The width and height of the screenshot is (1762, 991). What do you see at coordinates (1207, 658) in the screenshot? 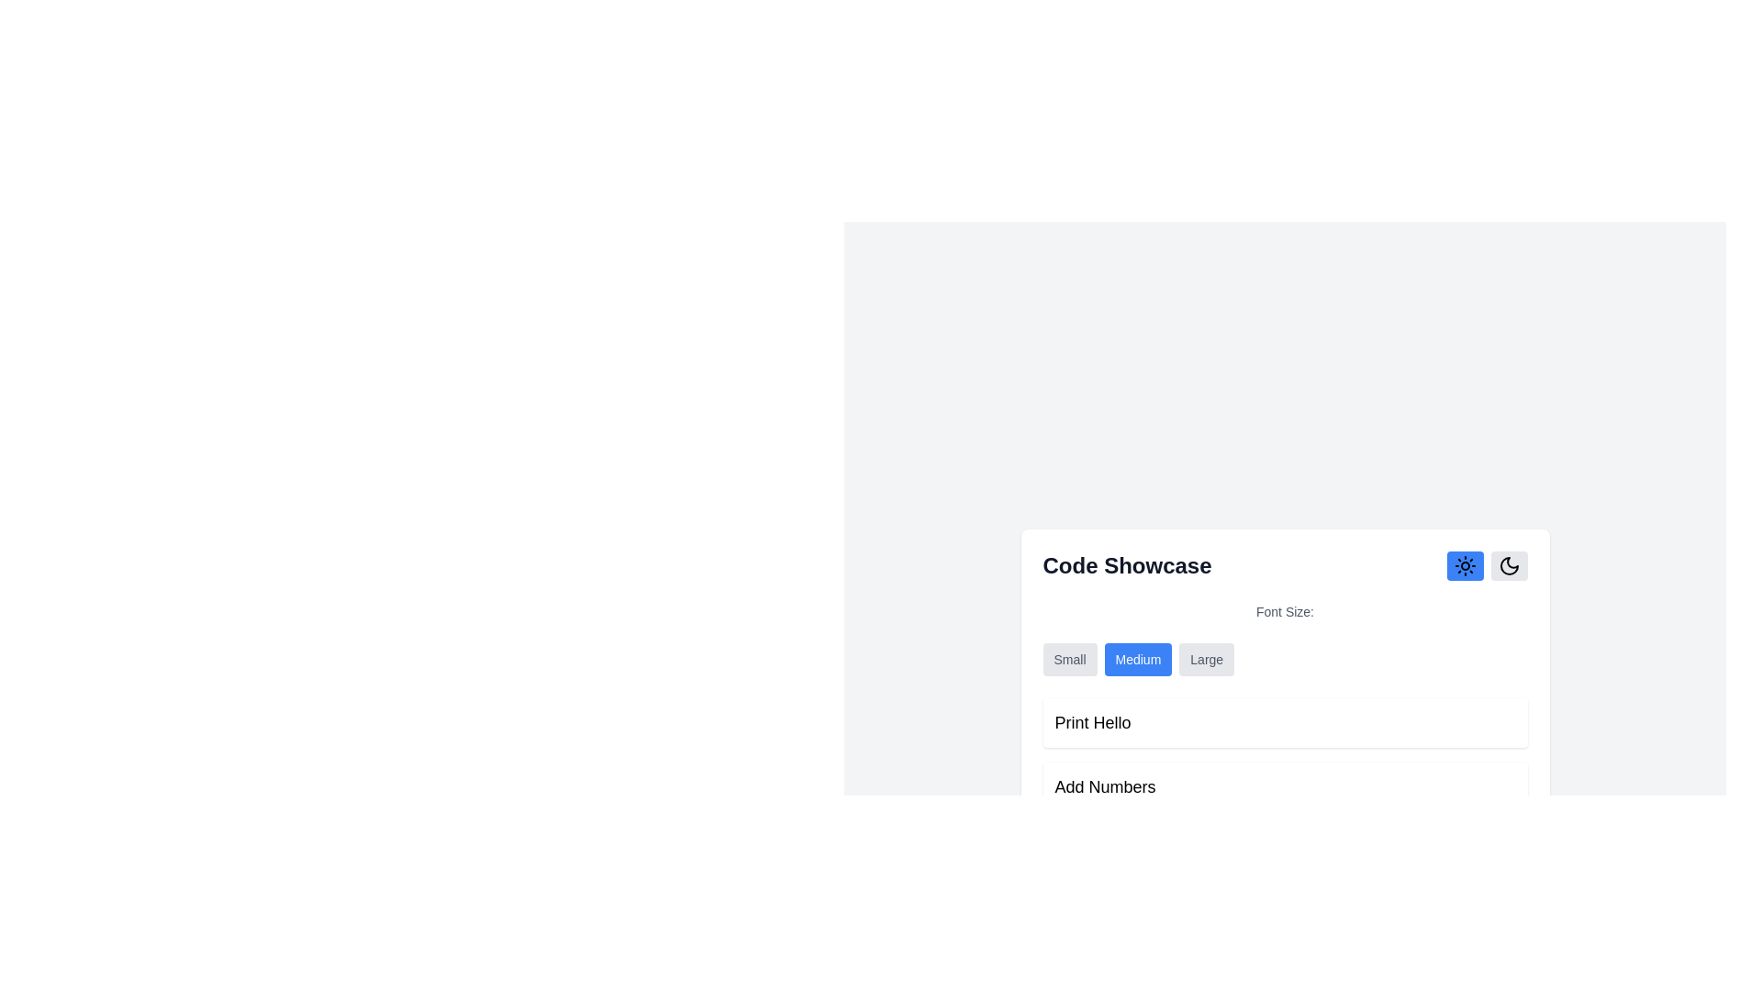
I see `the 'Large' font size option button located in the 'Font Size' section of the UI` at bounding box center [1207, 658].